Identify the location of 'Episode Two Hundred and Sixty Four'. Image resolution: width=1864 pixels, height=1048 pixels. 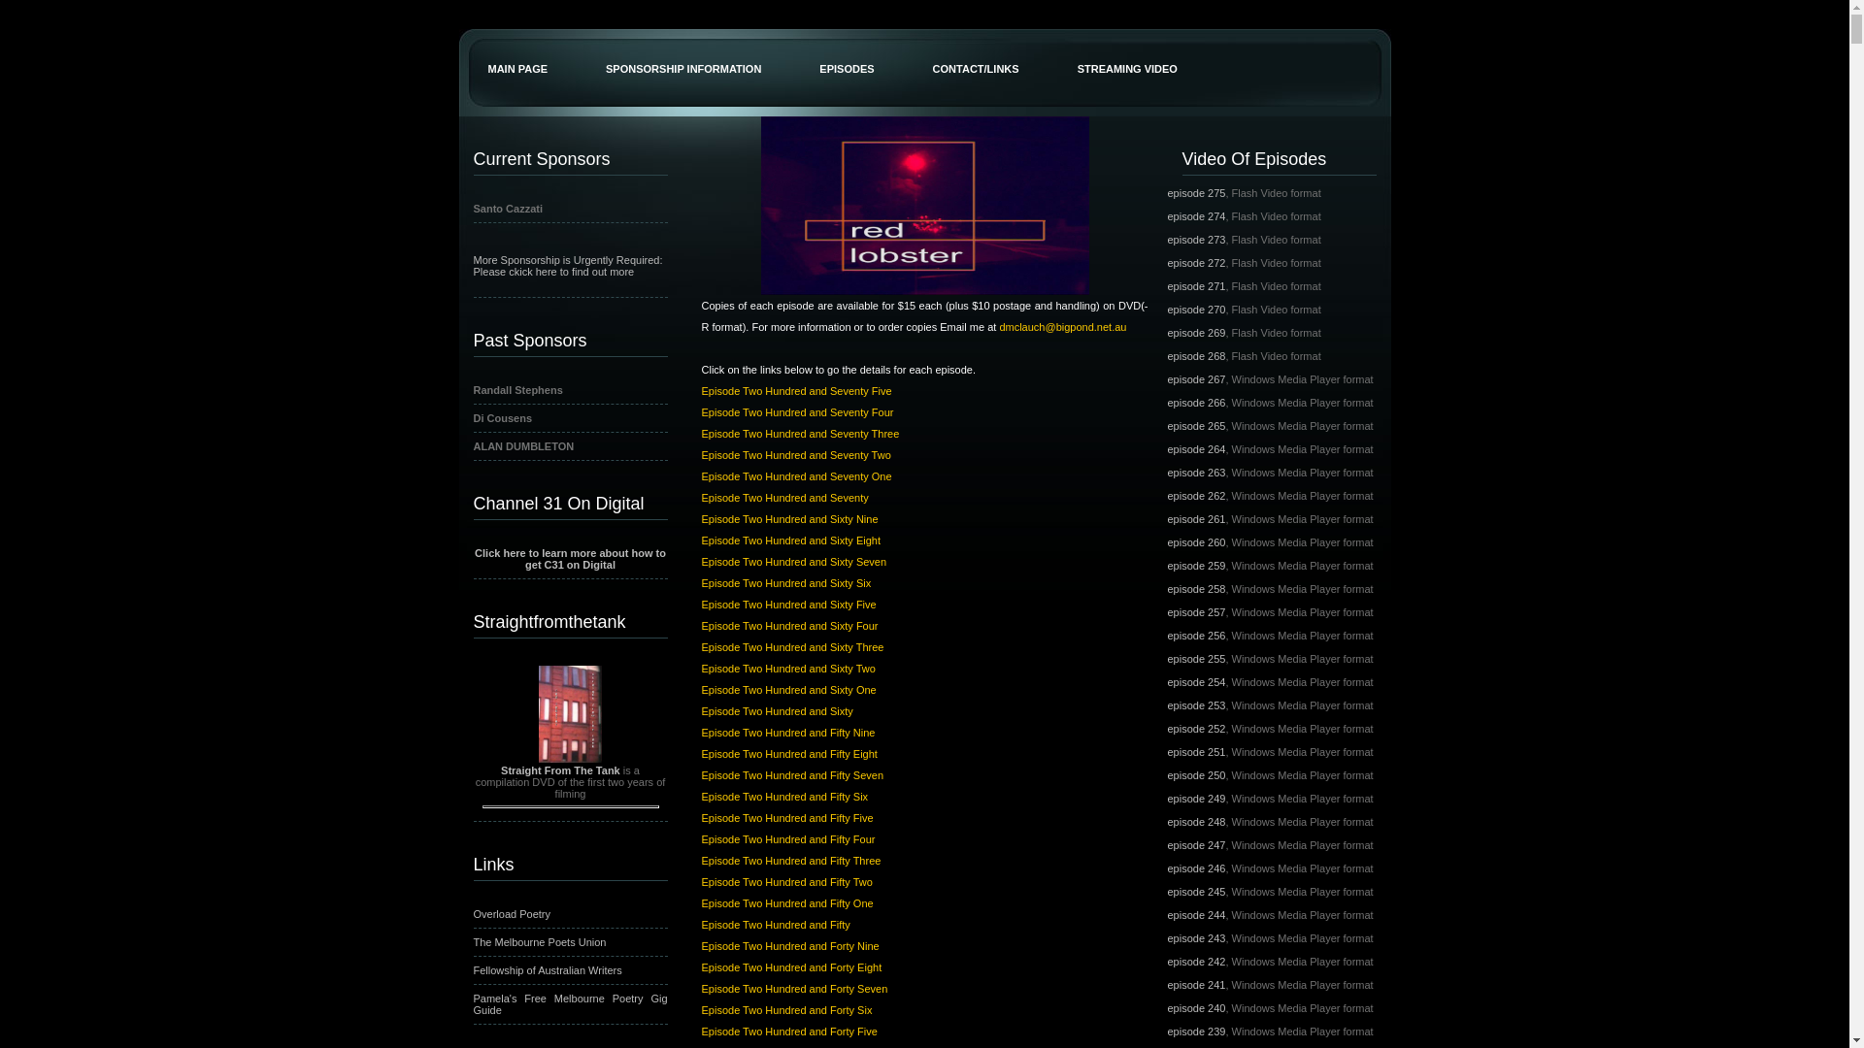
(699, 625).